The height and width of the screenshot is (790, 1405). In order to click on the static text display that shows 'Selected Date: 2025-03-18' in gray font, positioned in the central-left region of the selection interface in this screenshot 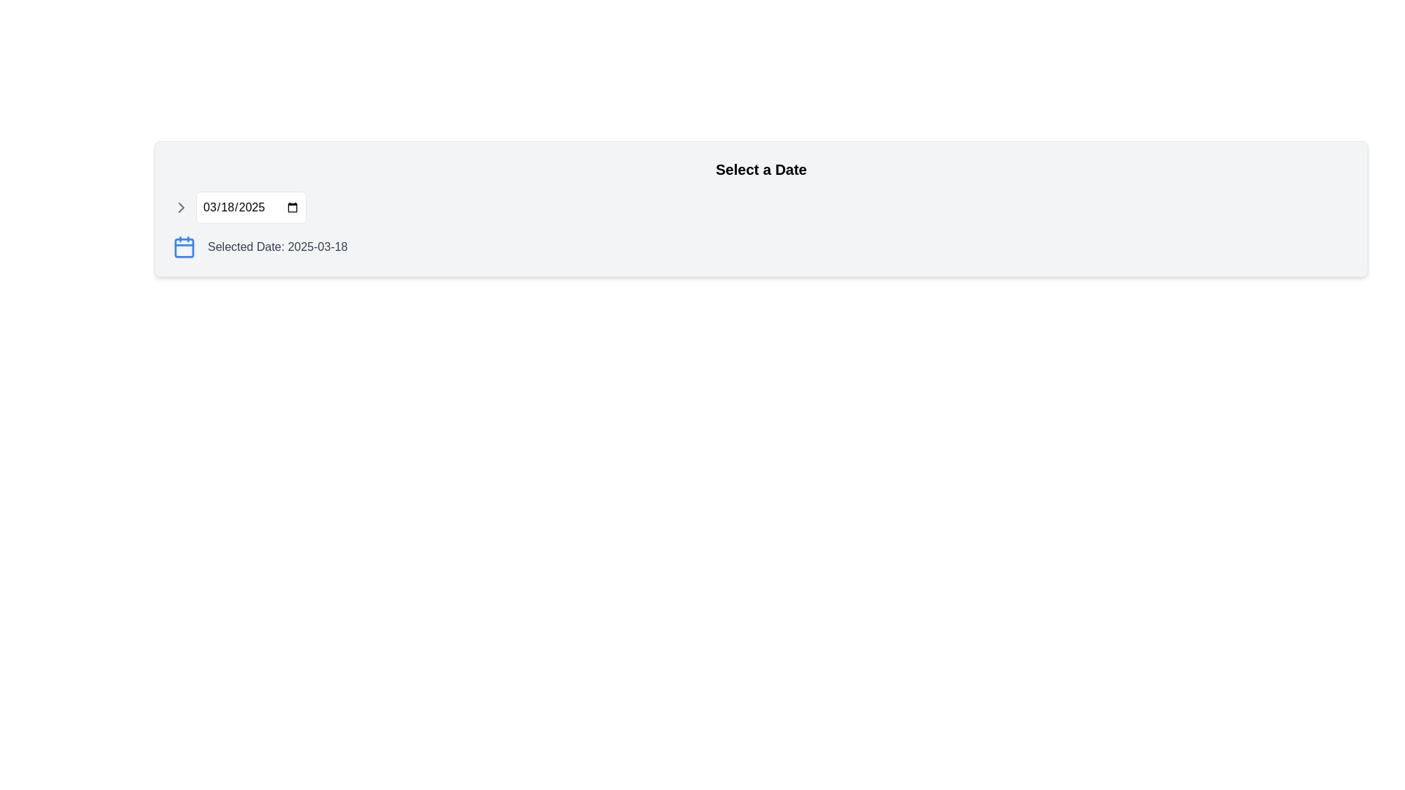, I will do `click(277, 247)`.